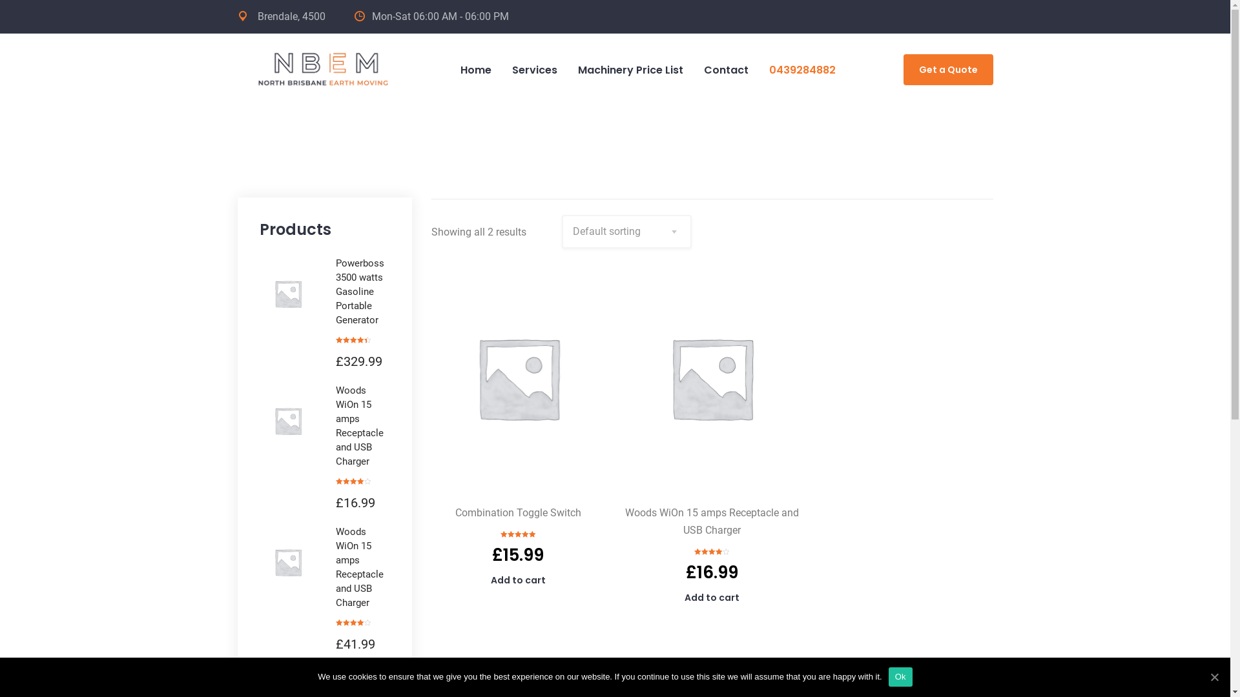 The image size is (1240, 697). What do you see at coordinates (801, 70) in the screenshot?
I see `'0439284882'` at bounding box center [801, 70].